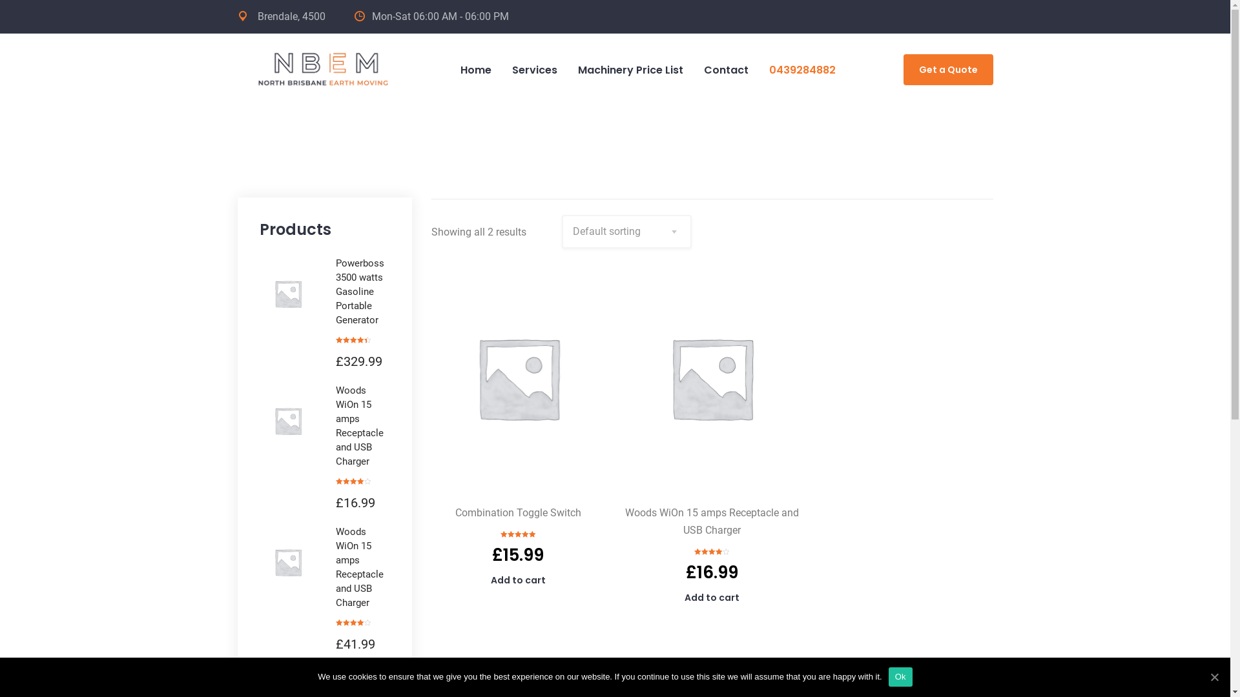 The image size is (1240, 697). What do you see at coordinates (801, 70) in the screenshot?
I see `'0439284882'` at bounding box center [801, 70].